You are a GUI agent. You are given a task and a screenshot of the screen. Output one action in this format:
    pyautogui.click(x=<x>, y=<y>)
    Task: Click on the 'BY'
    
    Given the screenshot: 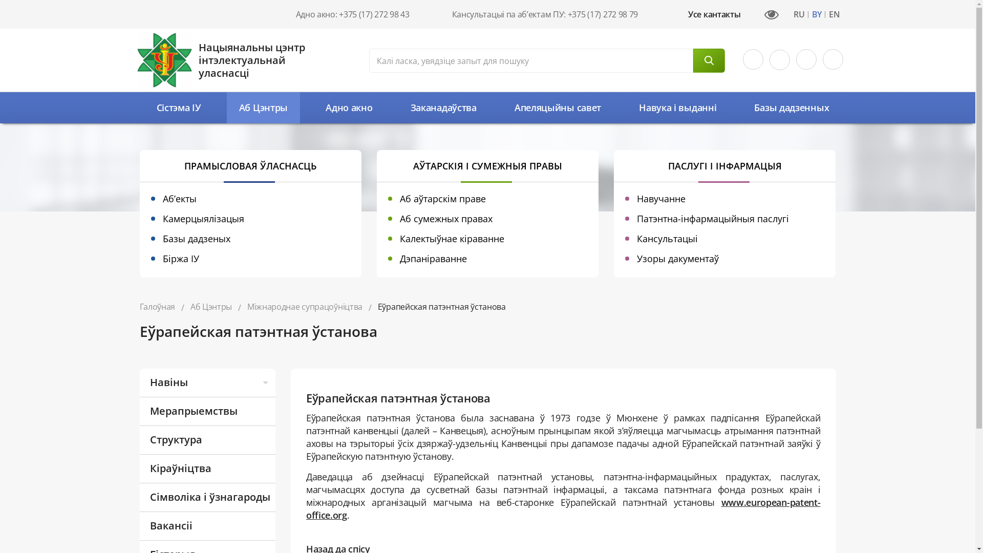 What is the action you would take?
    pyautogui.click(x=816, y=15)
    